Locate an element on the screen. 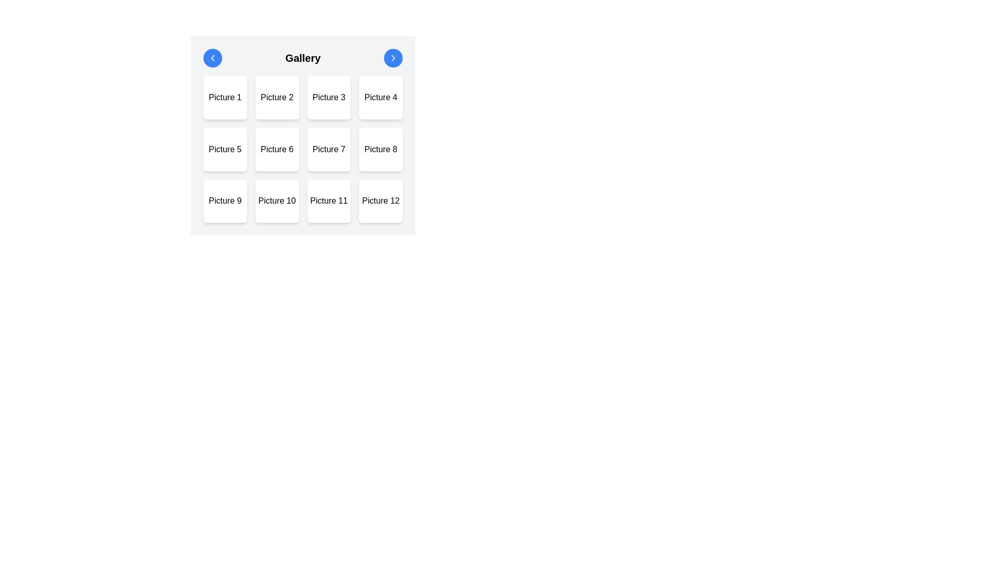 The height and width of the screenshot is (561, 999). the clickable grid item representing 'Picture 6' located in the central grid, second row and second column of a 4x3 layout is located at coordinates (302, 149).